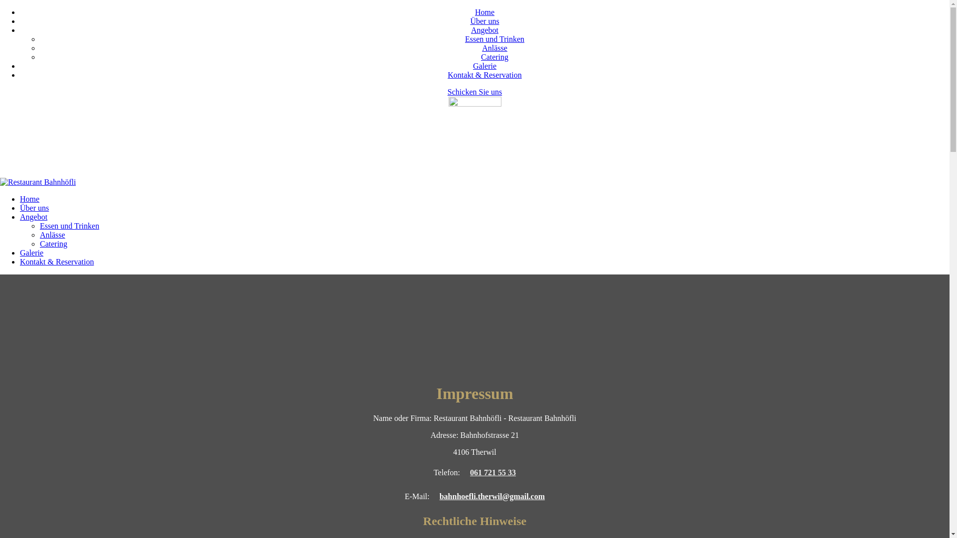 The height and width of the screenshot is (538, 957). I want to click on 'Schicken Sie uns', so click(474, 92).